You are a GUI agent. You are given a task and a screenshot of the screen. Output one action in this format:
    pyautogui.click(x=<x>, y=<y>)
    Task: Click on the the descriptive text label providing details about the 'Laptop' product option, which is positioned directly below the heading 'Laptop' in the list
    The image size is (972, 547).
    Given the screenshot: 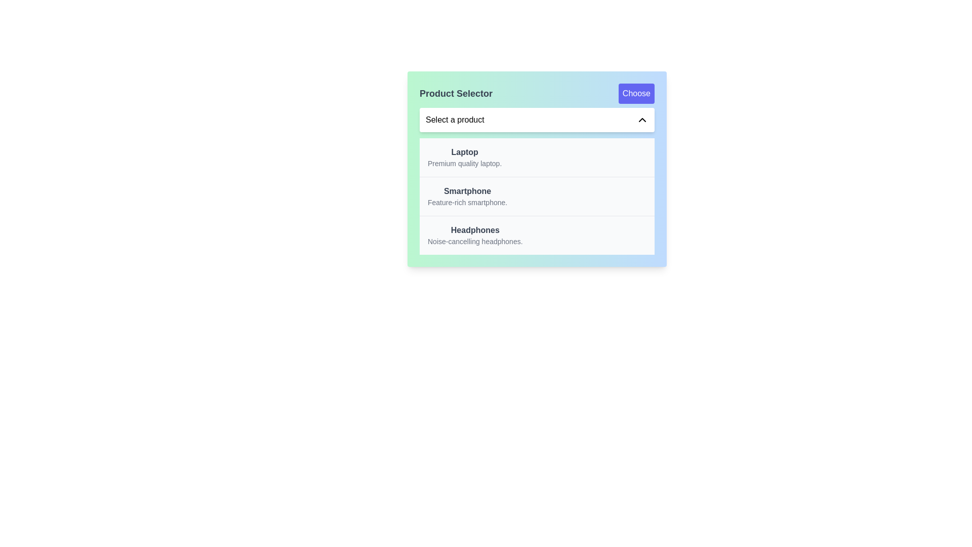 What is the action you would take?
    pyautogui.click(x=464, y=163)
    